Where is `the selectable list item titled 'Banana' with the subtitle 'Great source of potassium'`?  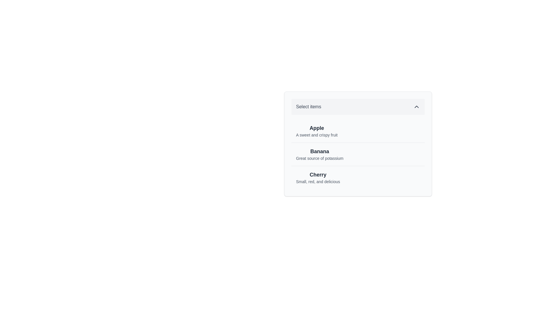
the selectable list item titled 'Banana' with the subtitle 'Great source of potassium' is located at coordinates (358, 143).